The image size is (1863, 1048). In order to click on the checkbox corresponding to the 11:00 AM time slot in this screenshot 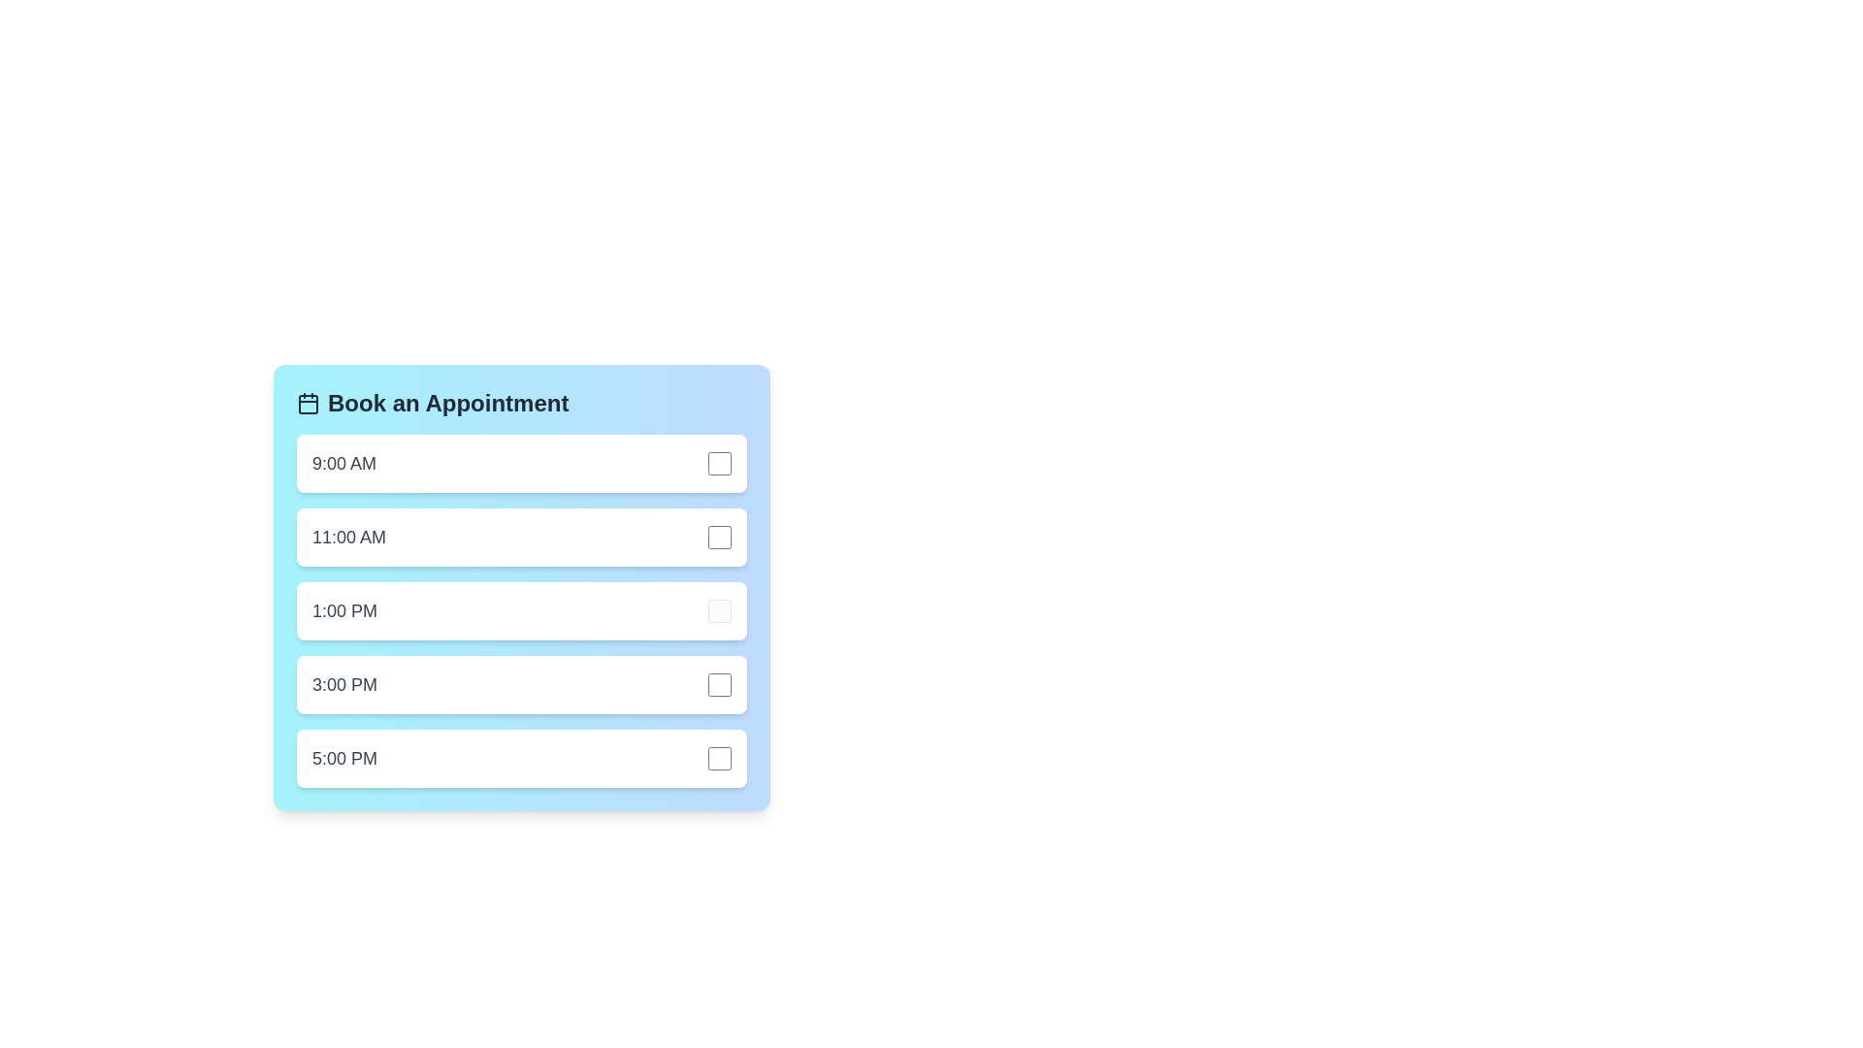, I will do `click(719, 538)`.